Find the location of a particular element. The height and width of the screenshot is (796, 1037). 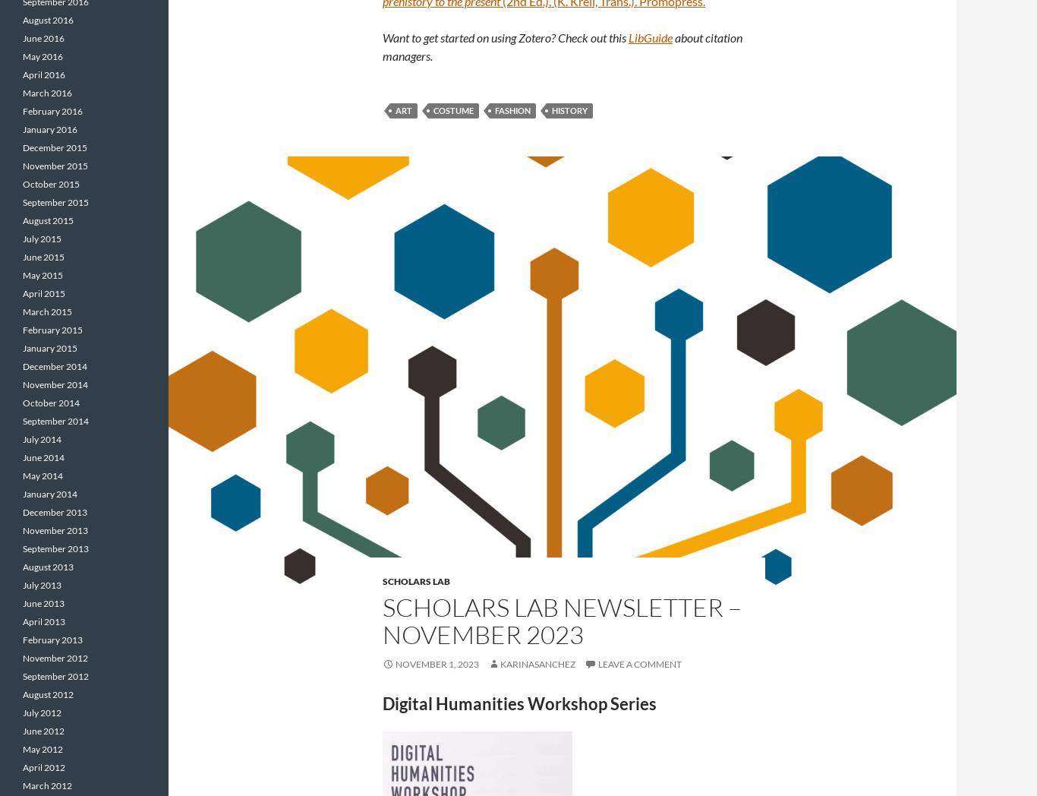

'June 2015' is located at coordinates (43, 257).